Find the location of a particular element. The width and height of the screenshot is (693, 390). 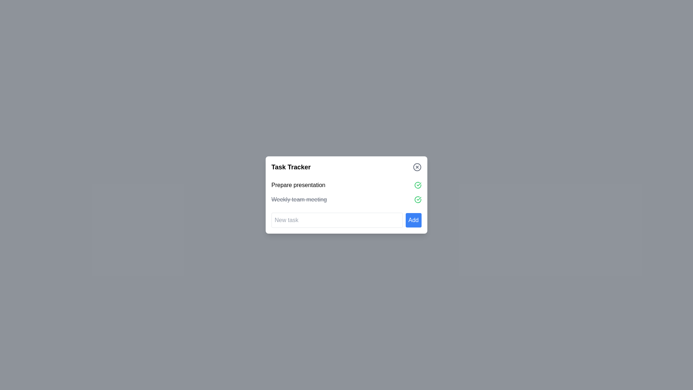

the interactive green checkmark on the second task item labeled 'Weekly team meeting' in the 'Task Tracker' widget is located at coordinates (346, 199).